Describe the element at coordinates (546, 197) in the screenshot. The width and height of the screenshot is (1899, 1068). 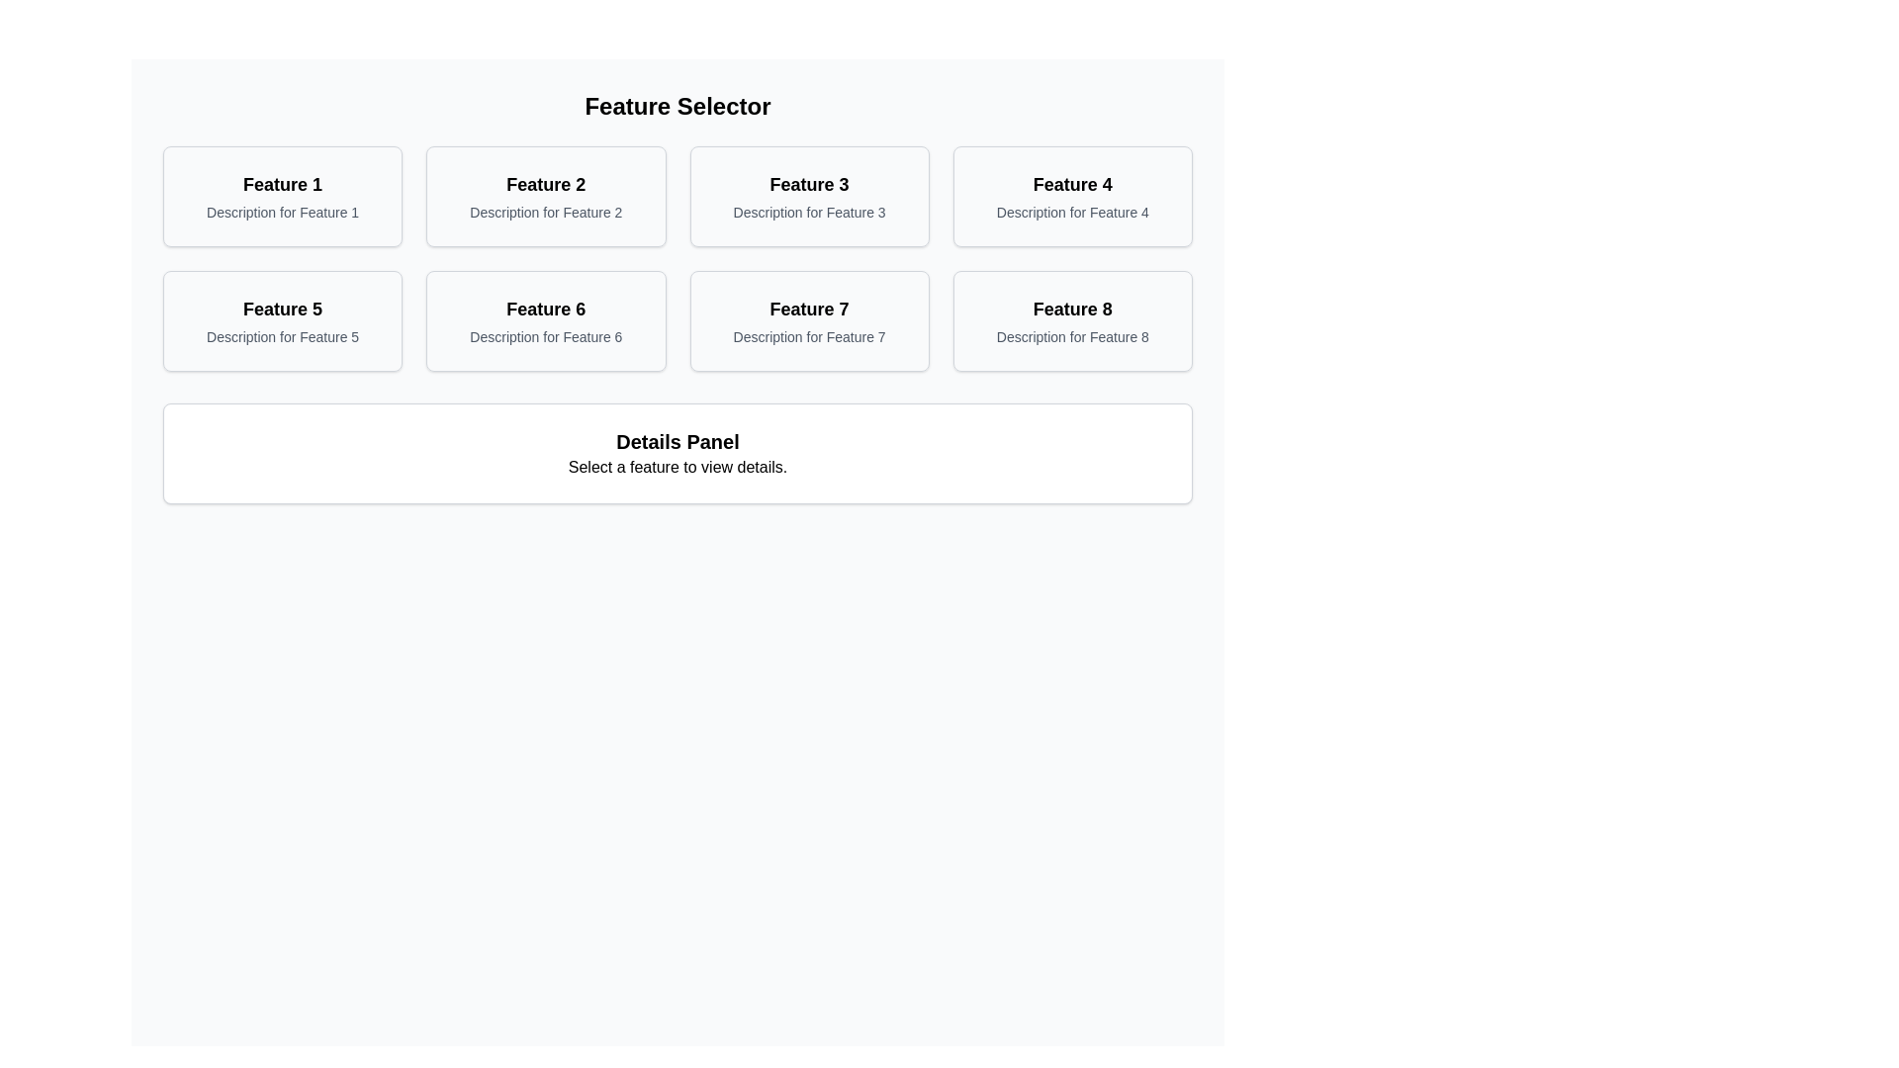
I see `text from the Feature Card labeled 'Feature 2', which is the second card in the first row of the grid` at that location.